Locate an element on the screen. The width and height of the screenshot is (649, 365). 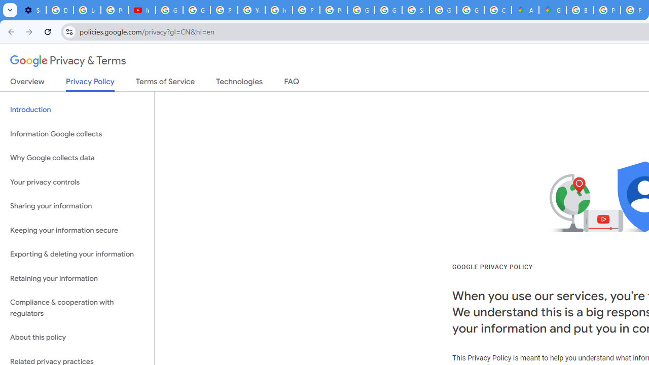
'Compliance & cooperation with regulators' is located at coordinates (77, 308).